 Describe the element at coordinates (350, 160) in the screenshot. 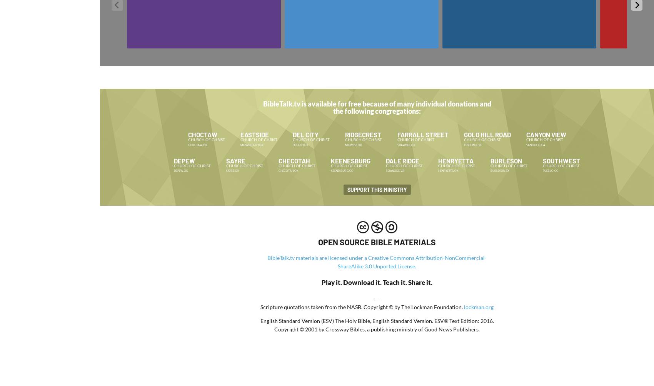

I see `'Keenesburg'` at that location.